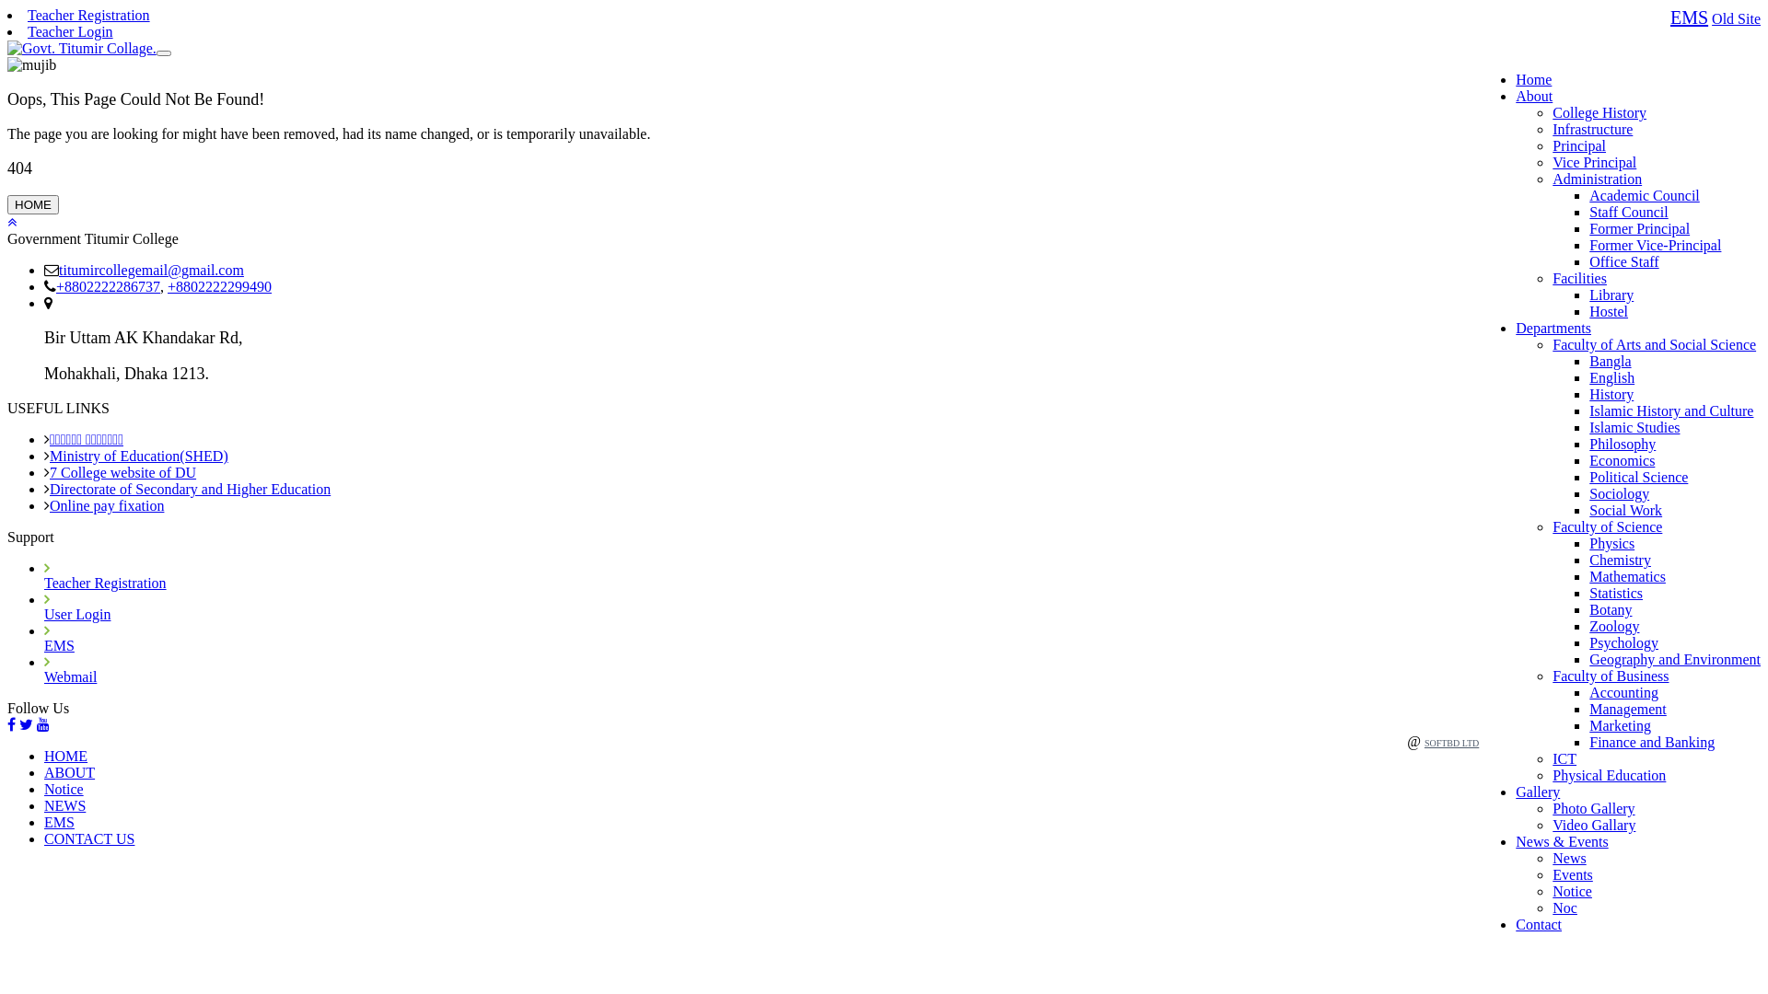 The height and width of the screenshot is (994, 1768). I want to click on 'CONTACT US', so click(87, 838).